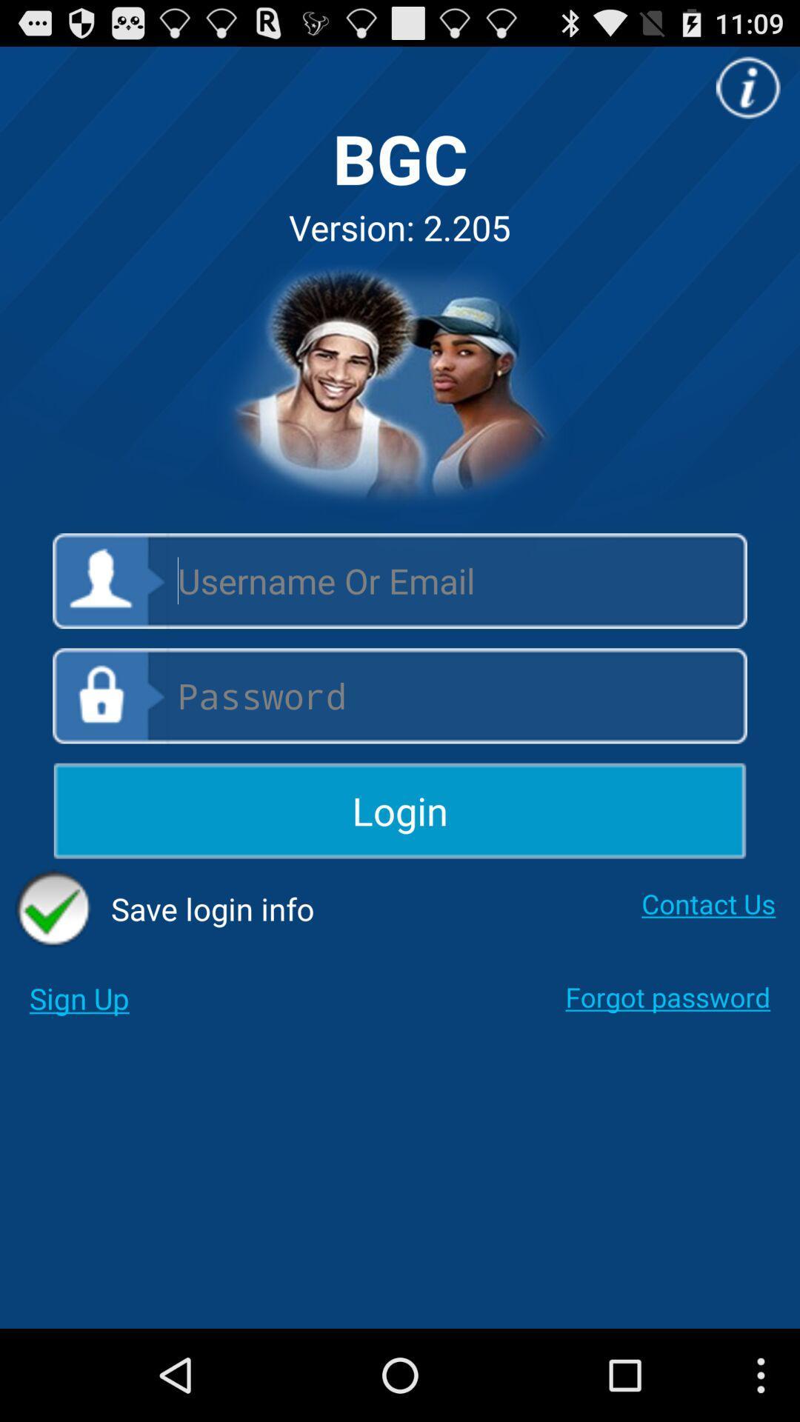 This screenshot has height=1422, width=800. Describe the element at coordinates (400, 387) in the screenshot. I see `item below version: 2.205 icon` at that location.